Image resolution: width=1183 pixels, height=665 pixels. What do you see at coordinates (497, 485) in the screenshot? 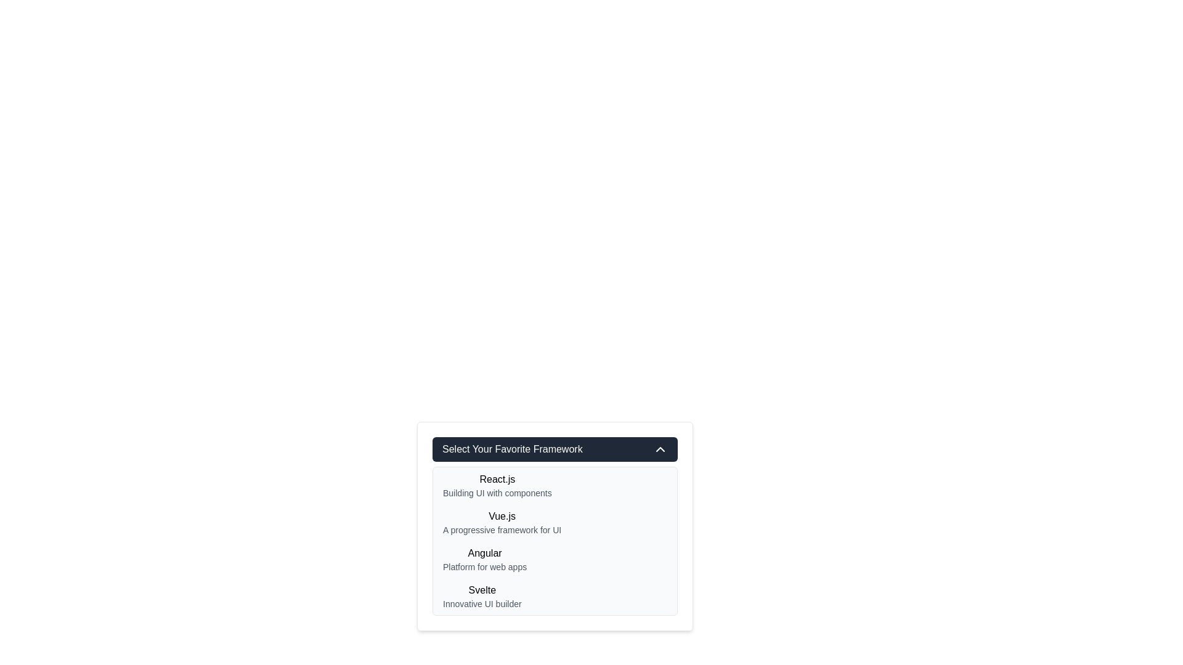
I see `the first list item that describes the 'React.js' framework, located directly below the header 'Select Your Favorite Framework'` at bounding box center [497, 485].